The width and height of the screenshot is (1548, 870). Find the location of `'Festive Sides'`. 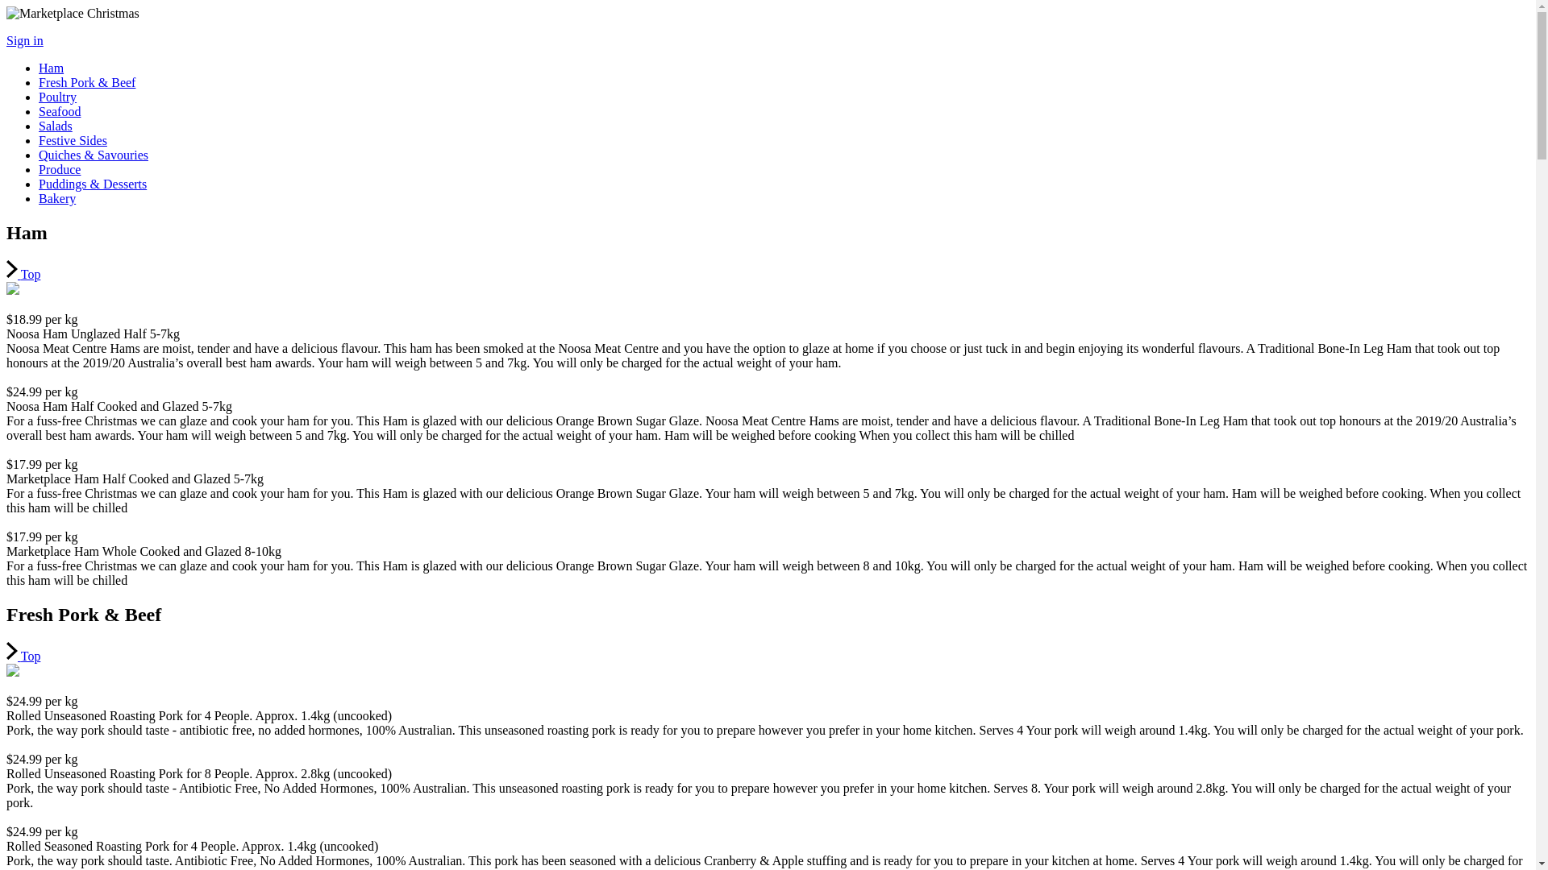

'Festive Sides' is located at coordinates (72, 139).